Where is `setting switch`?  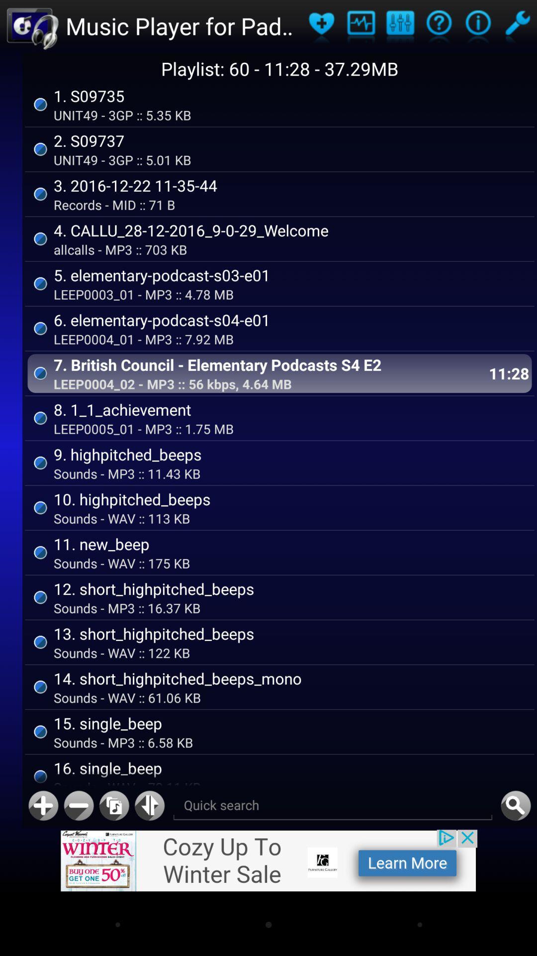
setting switch is located at coordinates (517, 26).